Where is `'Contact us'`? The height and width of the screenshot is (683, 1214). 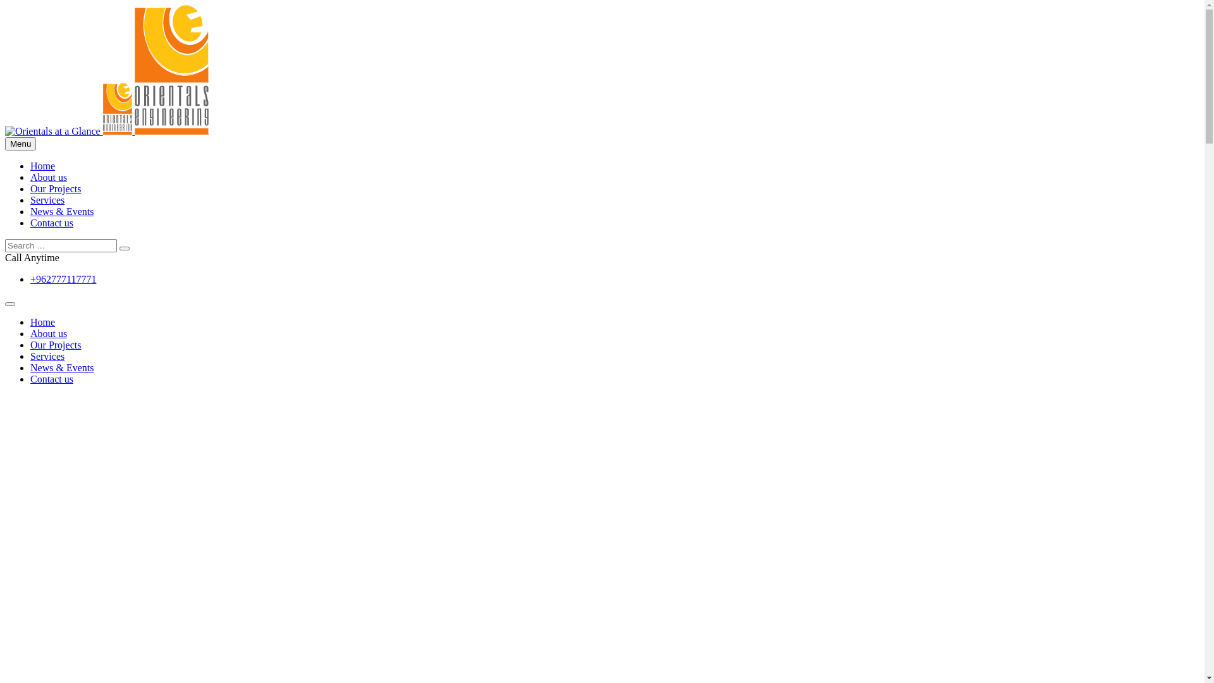 'Contact us' is located at coordinates (51, 378).